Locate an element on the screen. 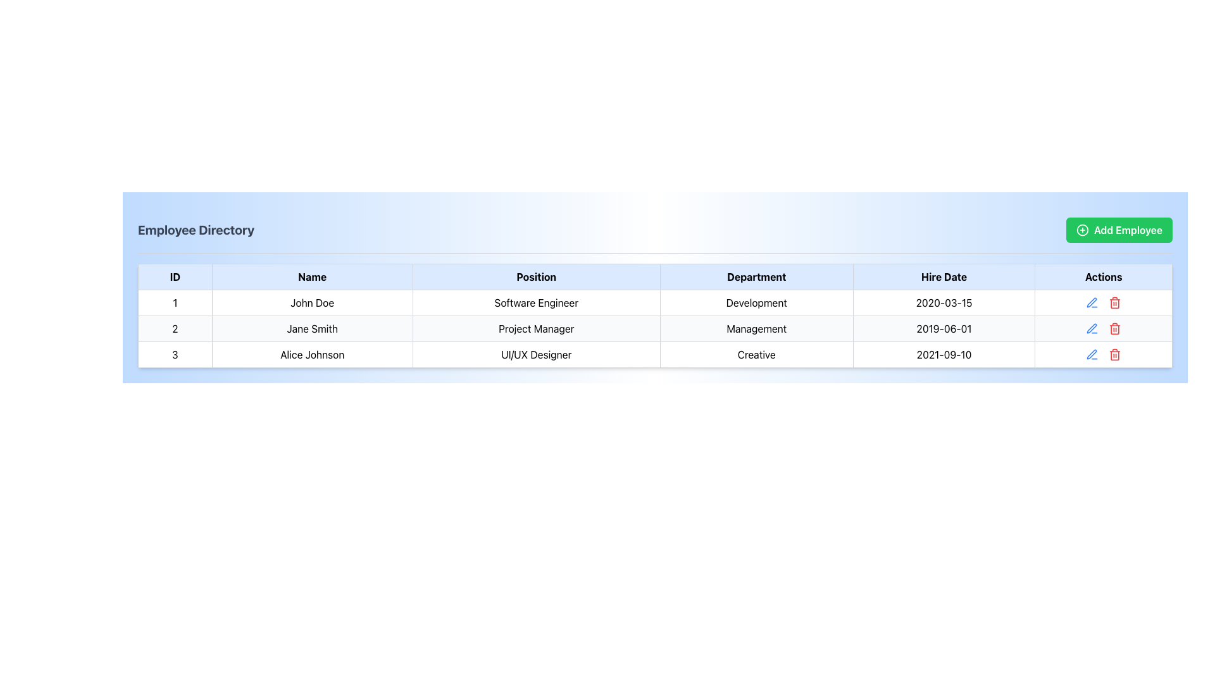  the 'Add Employee' button located in the top-right corner of the 'Employee Directory' section to observe hover effects indicating interactivity is located at coordinates (1119, 230).